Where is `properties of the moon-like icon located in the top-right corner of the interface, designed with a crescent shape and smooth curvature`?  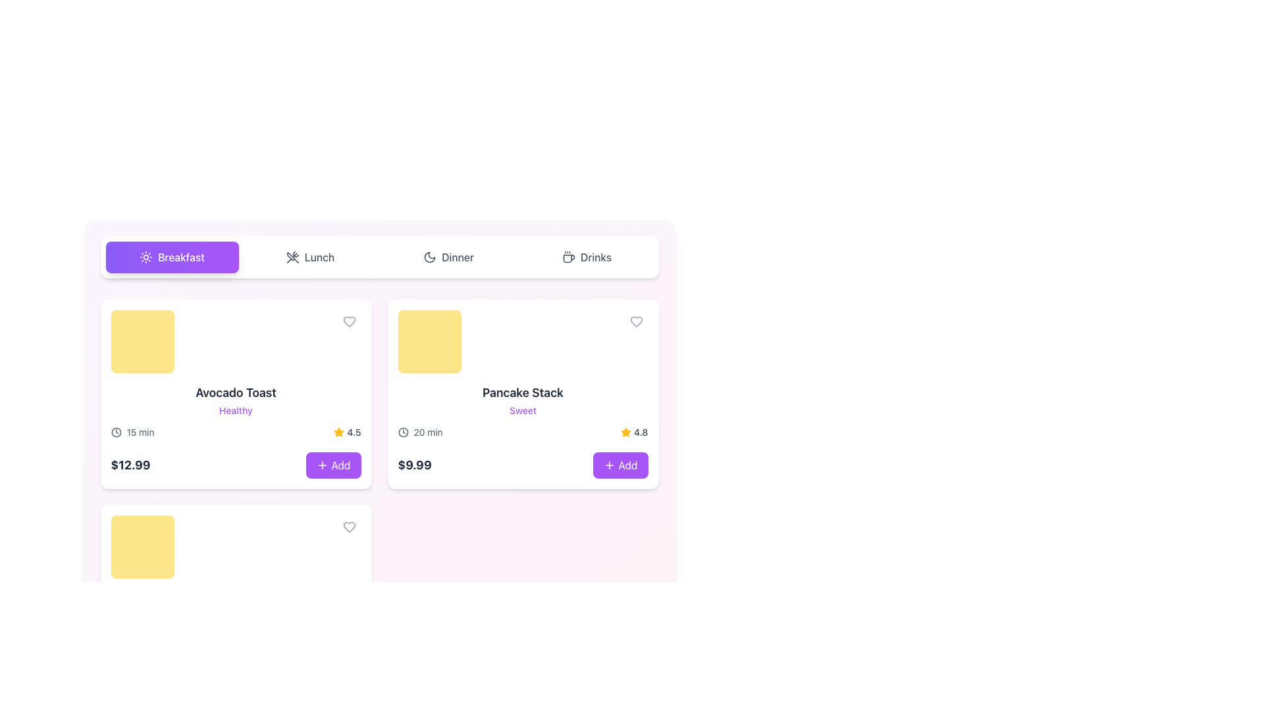 properties of the moon-like icon located in the top-right corner of the interface, designed with a crescent shape and smooth curvature is located at coordinates (429, 257).